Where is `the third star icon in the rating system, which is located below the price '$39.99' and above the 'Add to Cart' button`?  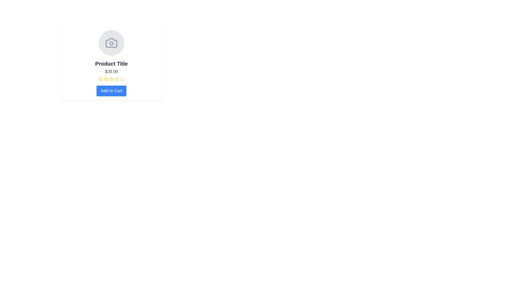
the third star icon in the rating system, which is located below the price '$39.99' and above the 'Add to Cart' button is located at coordinates (111, 79).